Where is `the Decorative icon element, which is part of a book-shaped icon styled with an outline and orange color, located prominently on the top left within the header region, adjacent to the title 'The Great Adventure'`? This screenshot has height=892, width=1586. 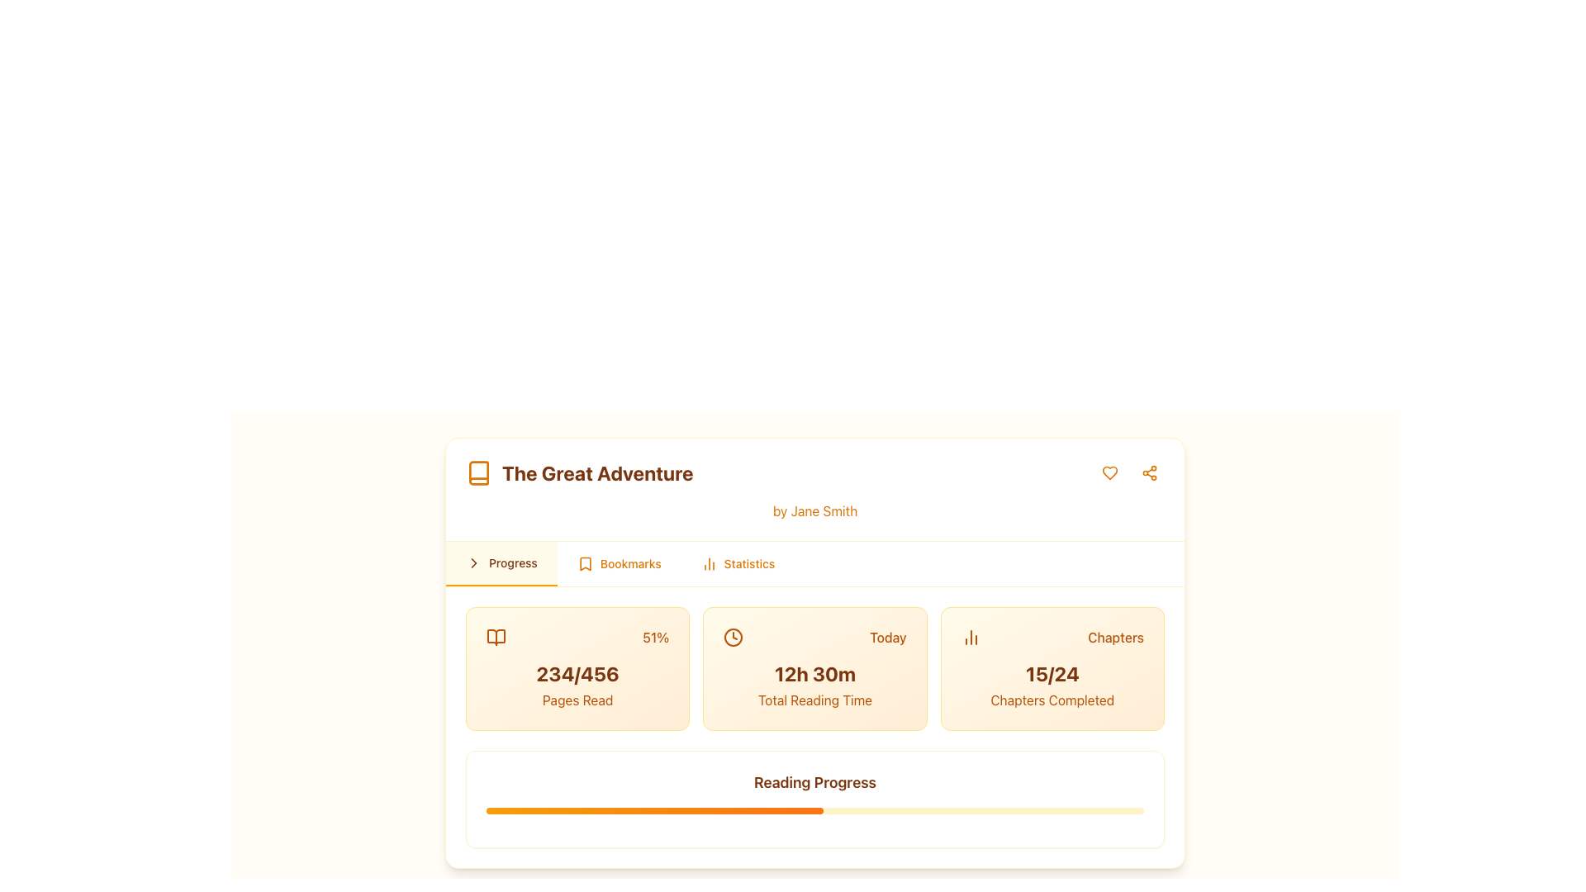
the Decorative icon element, which is part of a book-shaped icon styled with an outline and orange color, located prominently on the top left within the header region, adjacent to the title 'The Great Adventure' is located at coordinates (478, 473).